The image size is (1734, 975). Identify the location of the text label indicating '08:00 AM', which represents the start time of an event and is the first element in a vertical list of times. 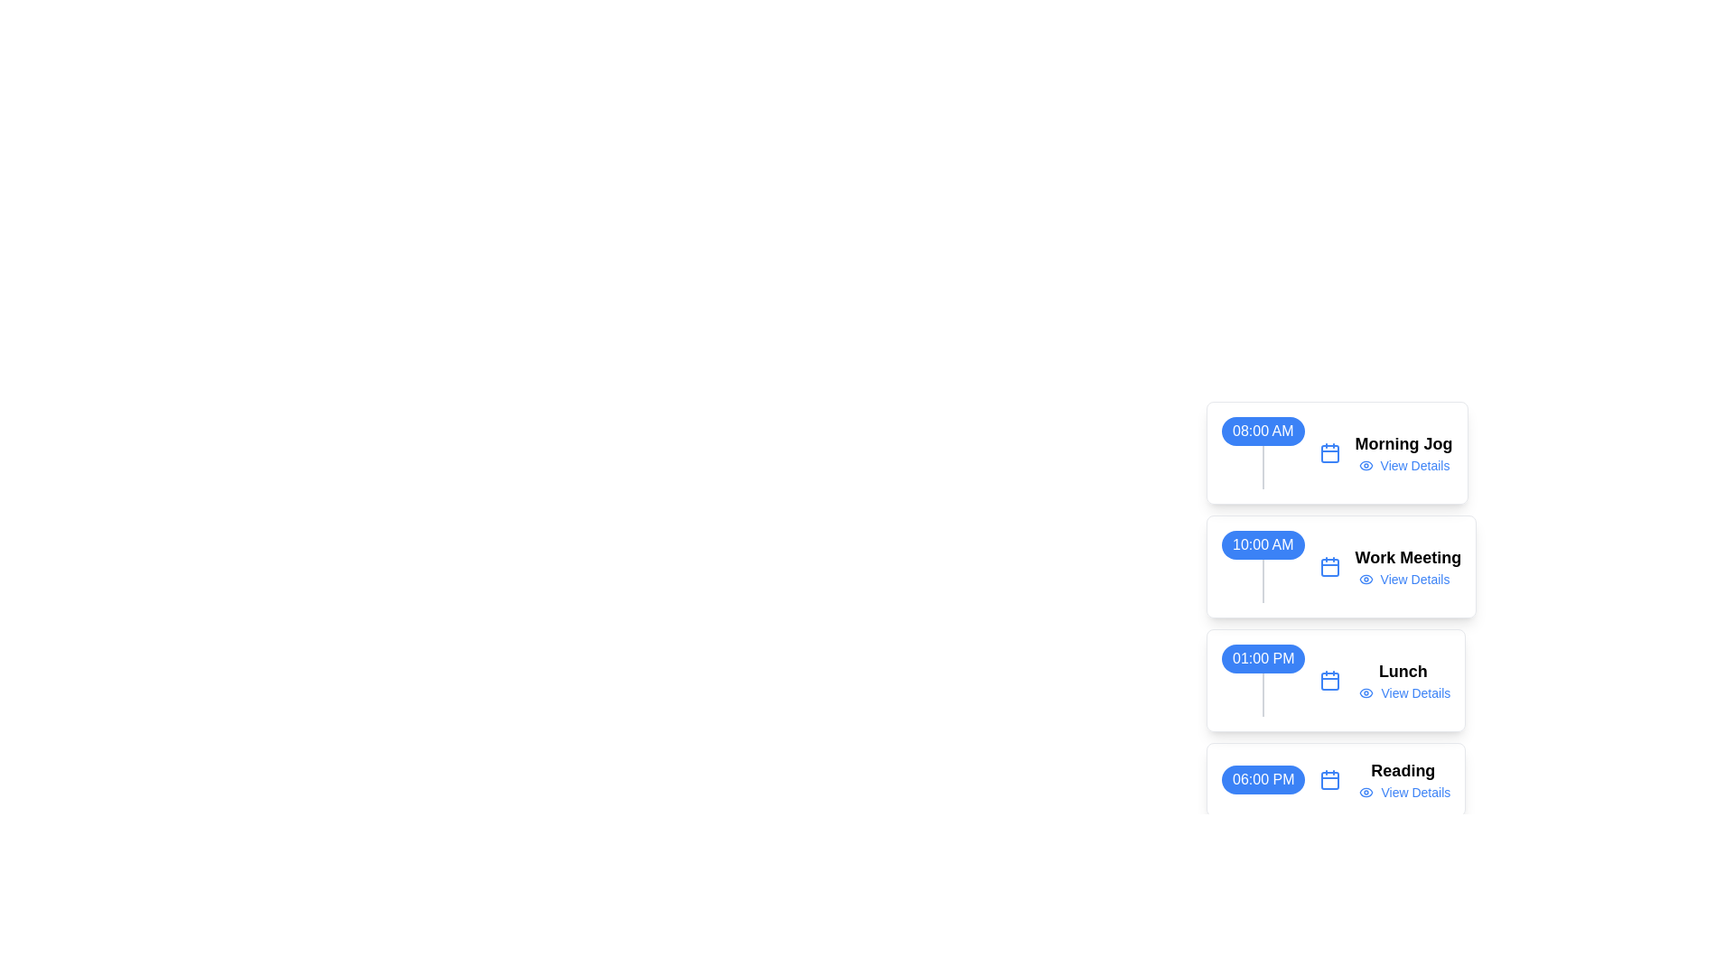
(1262, 432).